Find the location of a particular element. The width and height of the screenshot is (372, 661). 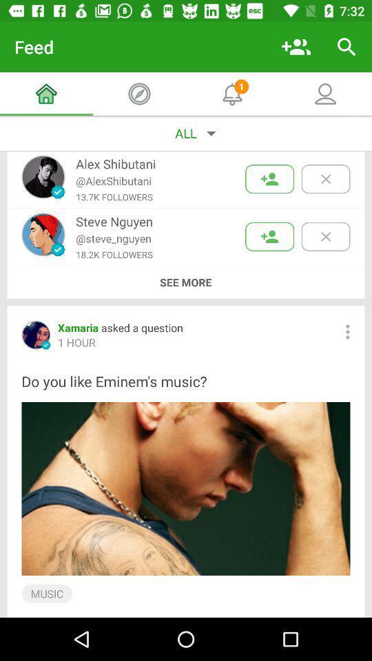

cancel is located at coordinates (325, 178).